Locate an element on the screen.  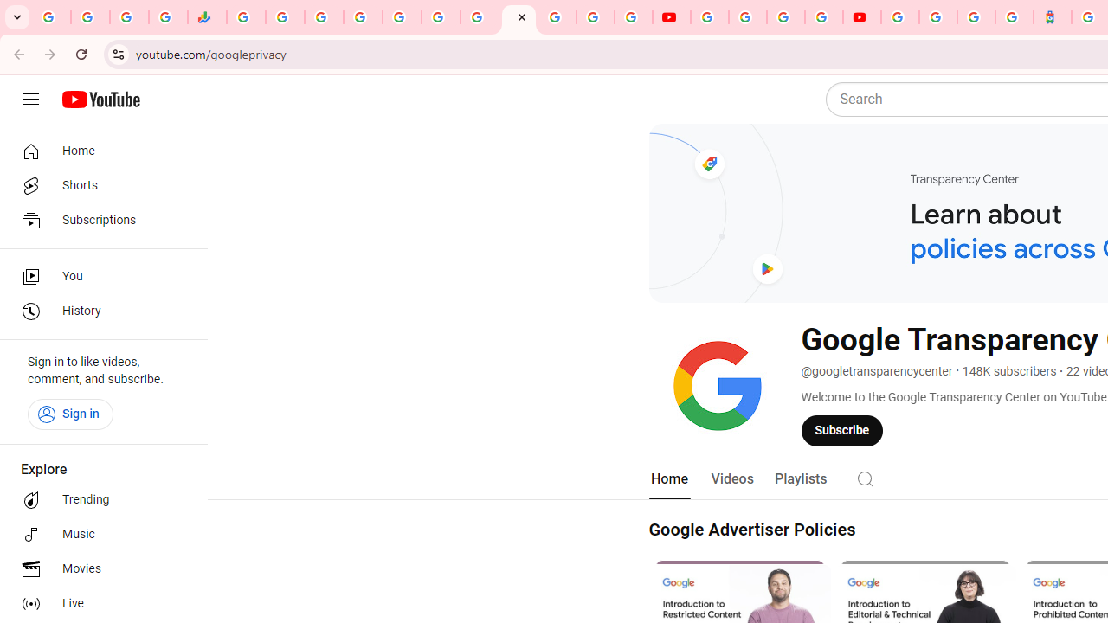
'YouTube' is located at coordinates (670, 17).